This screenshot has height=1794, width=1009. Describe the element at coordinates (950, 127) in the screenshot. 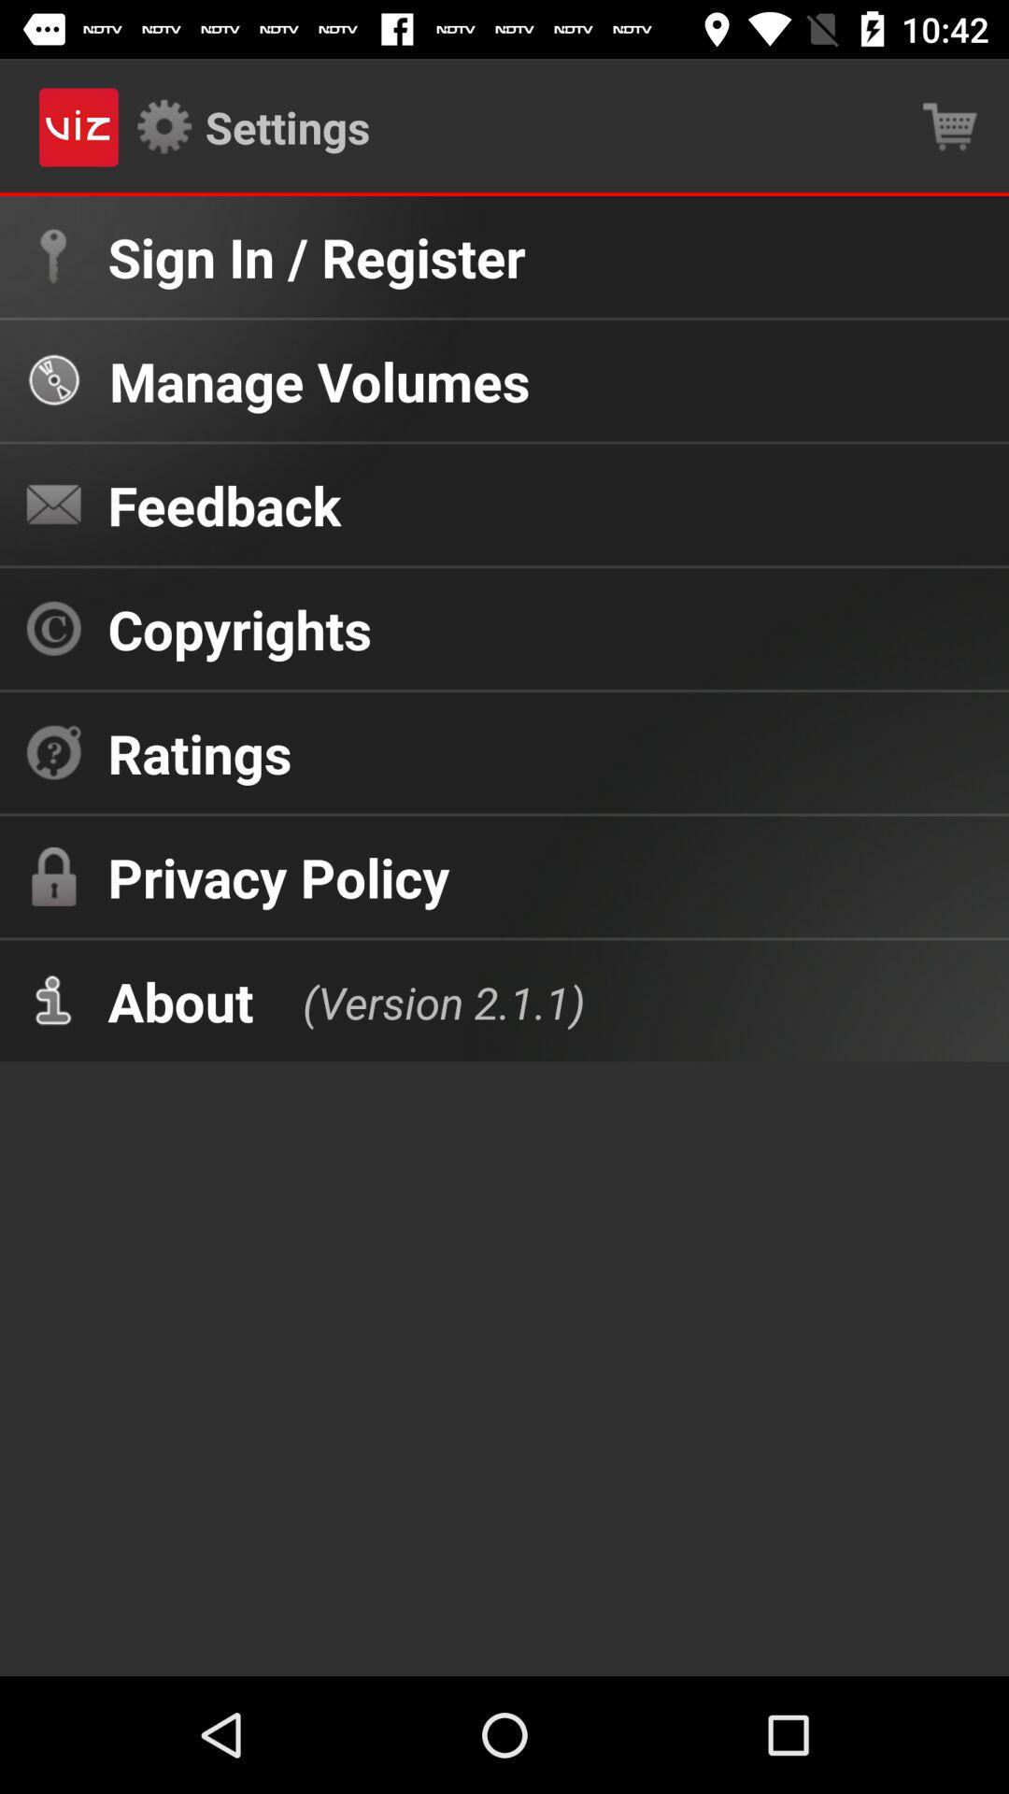

I see `on the cart image in the page` at that location.